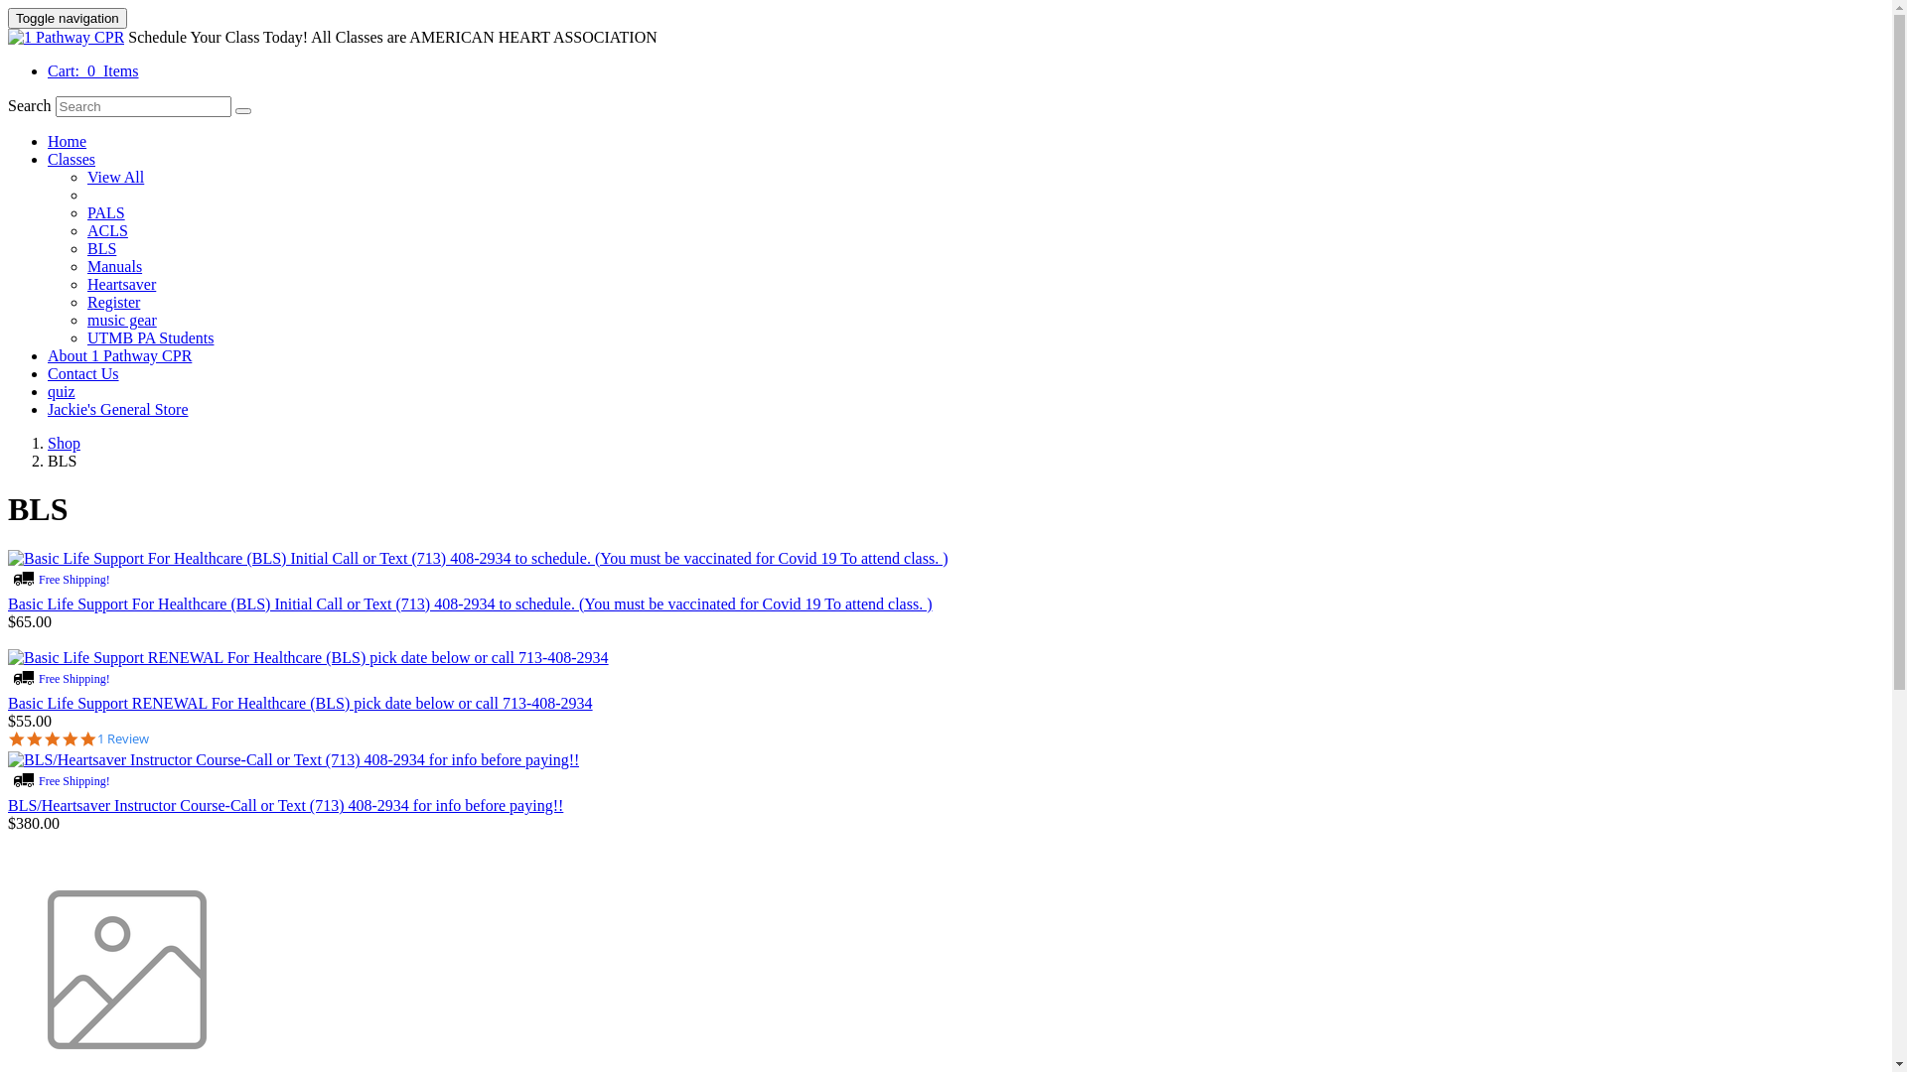  I want to click on 'quiz', so click(48, 391).